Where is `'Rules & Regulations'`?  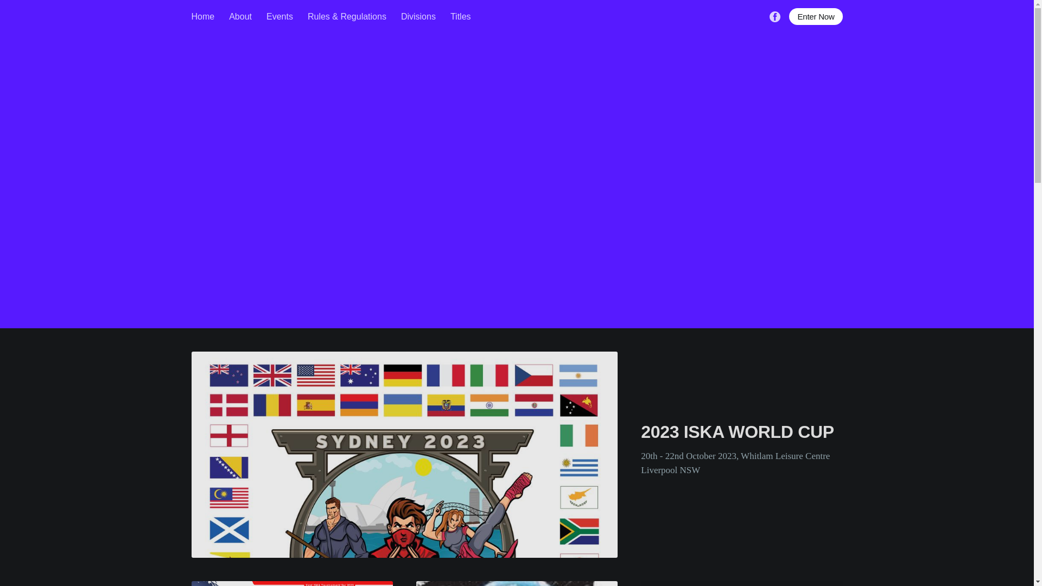 'Rules & Regulations' is located at coordinates (346, 16).